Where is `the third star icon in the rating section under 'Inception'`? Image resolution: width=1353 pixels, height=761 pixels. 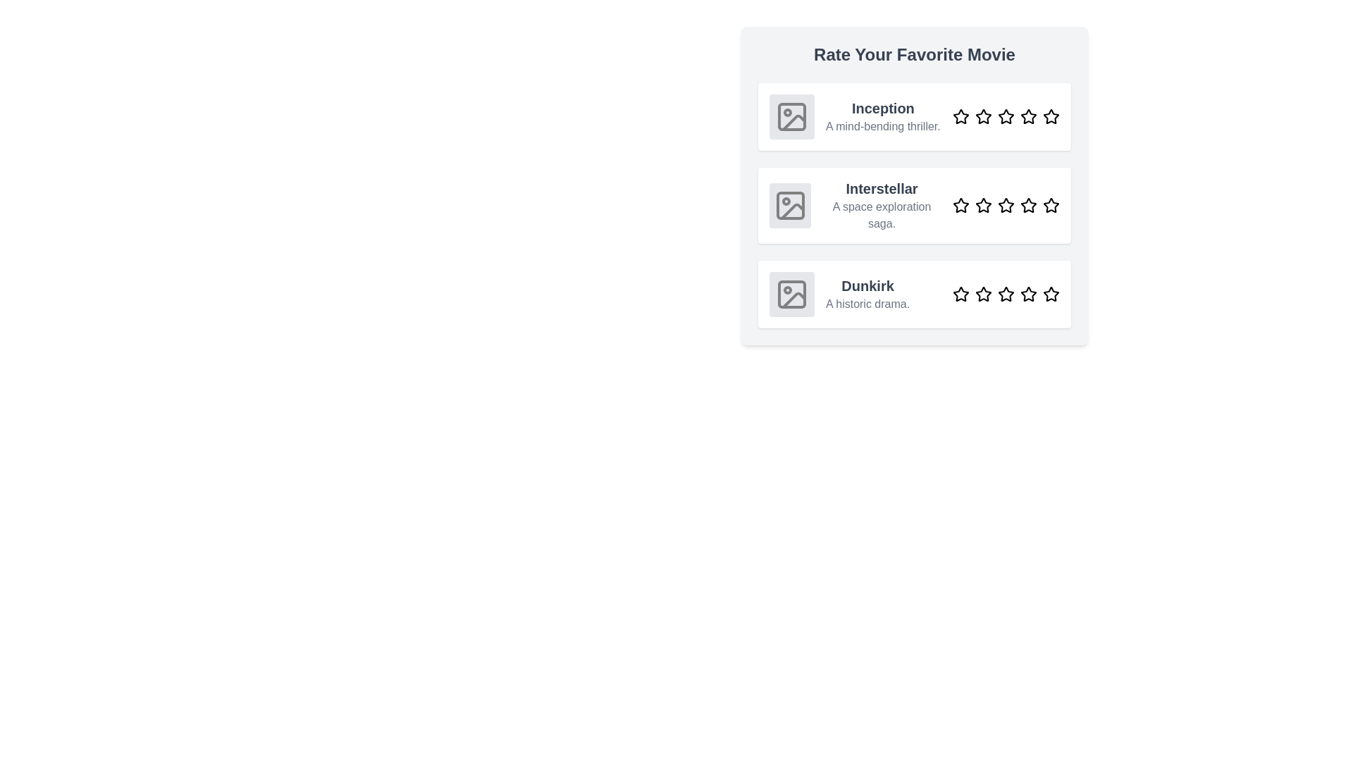
the third star icon in the rating section under 'Inception' is located at coordinates (1004, 116).